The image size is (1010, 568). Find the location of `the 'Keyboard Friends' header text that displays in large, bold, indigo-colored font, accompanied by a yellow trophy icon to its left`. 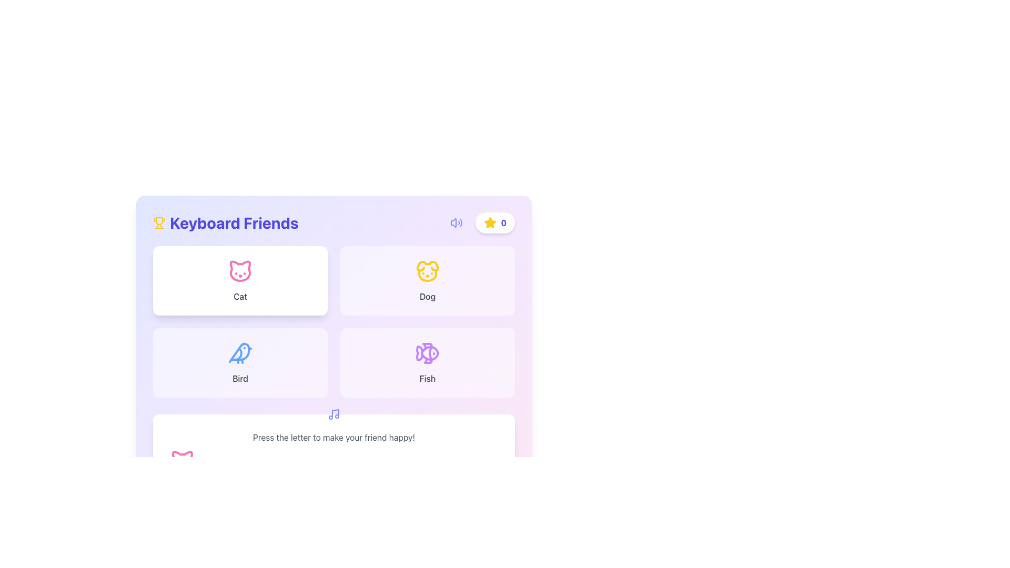

the 'Keyboard Friends' header text that displays in large, bold, indigo-colored font, accompanied by a yellow trophy icon to its left is located at coordinates (225, 222).